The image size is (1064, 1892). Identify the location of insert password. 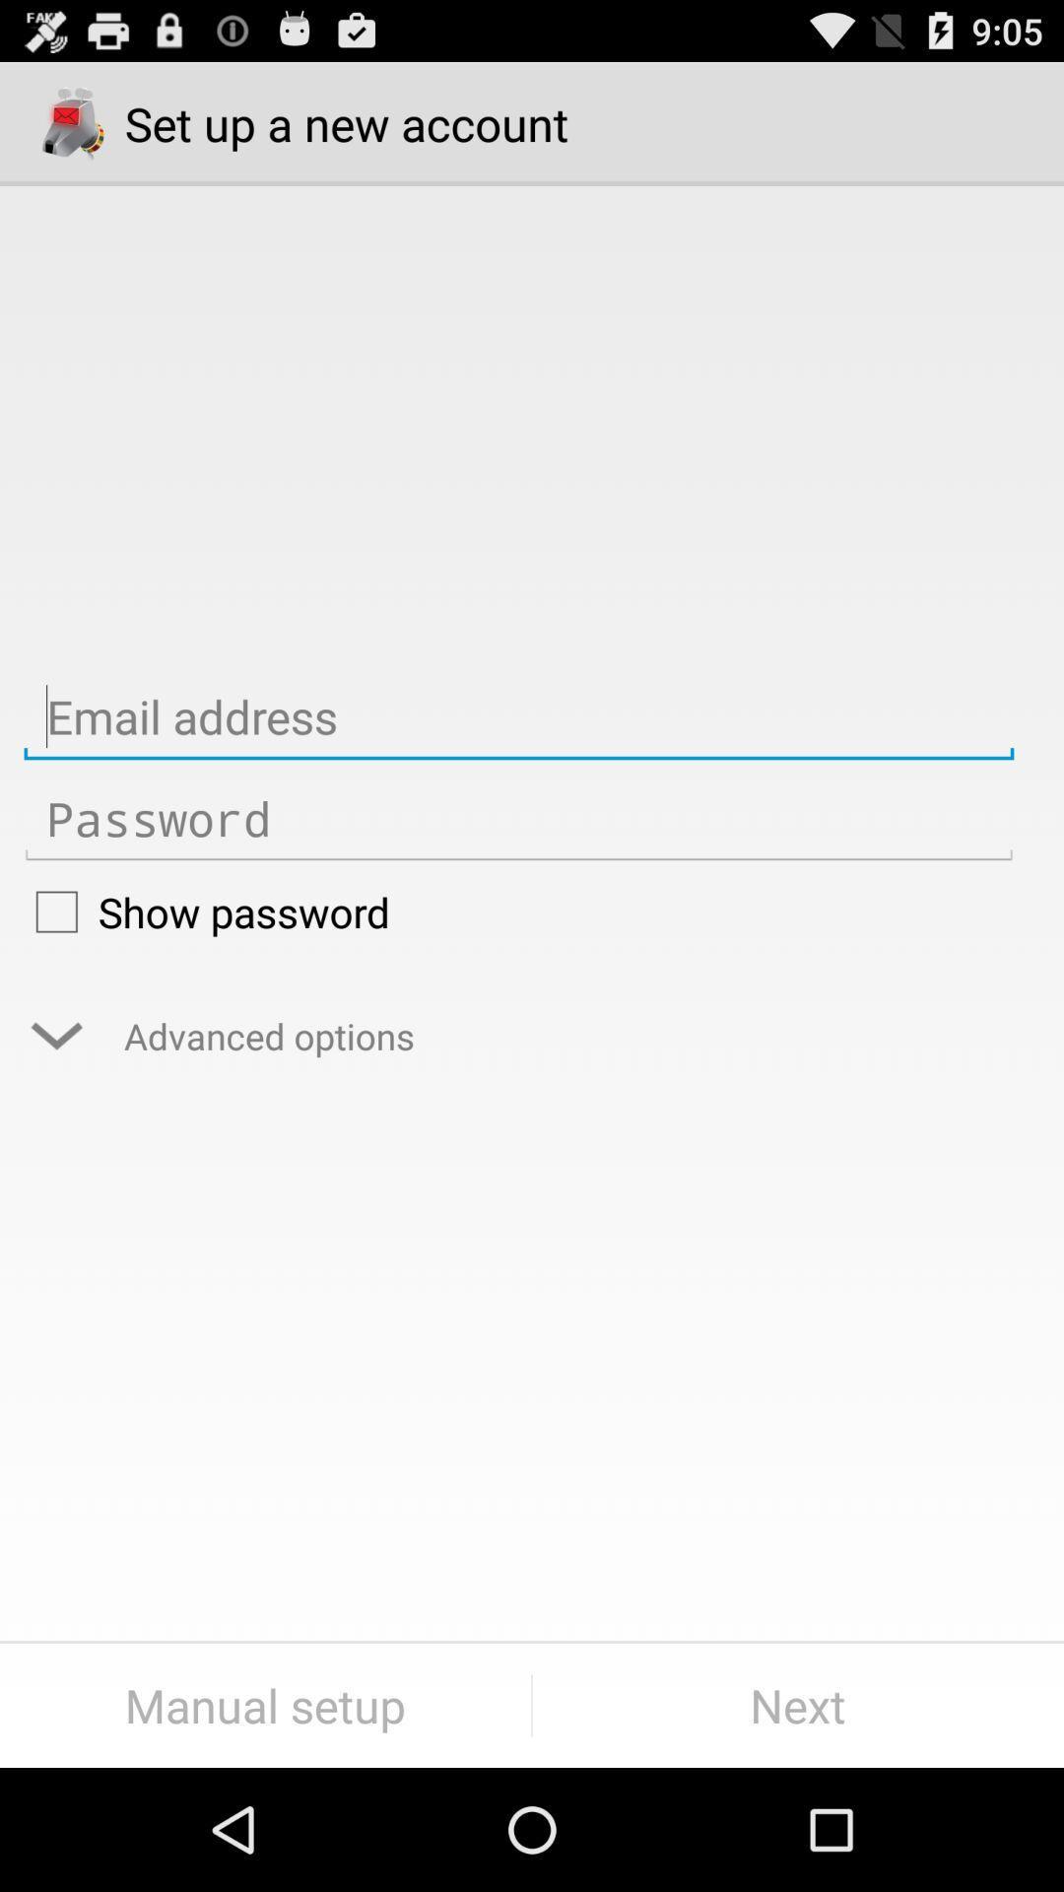
(517, 819).